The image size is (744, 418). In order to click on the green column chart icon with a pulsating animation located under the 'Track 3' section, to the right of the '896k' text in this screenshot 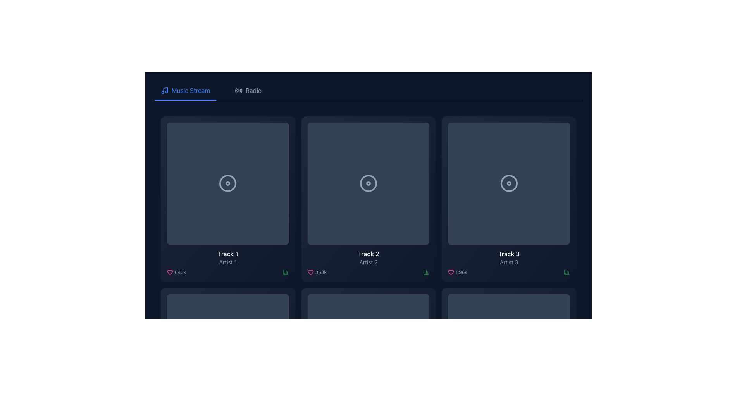, I will do `click(285, 272)`.